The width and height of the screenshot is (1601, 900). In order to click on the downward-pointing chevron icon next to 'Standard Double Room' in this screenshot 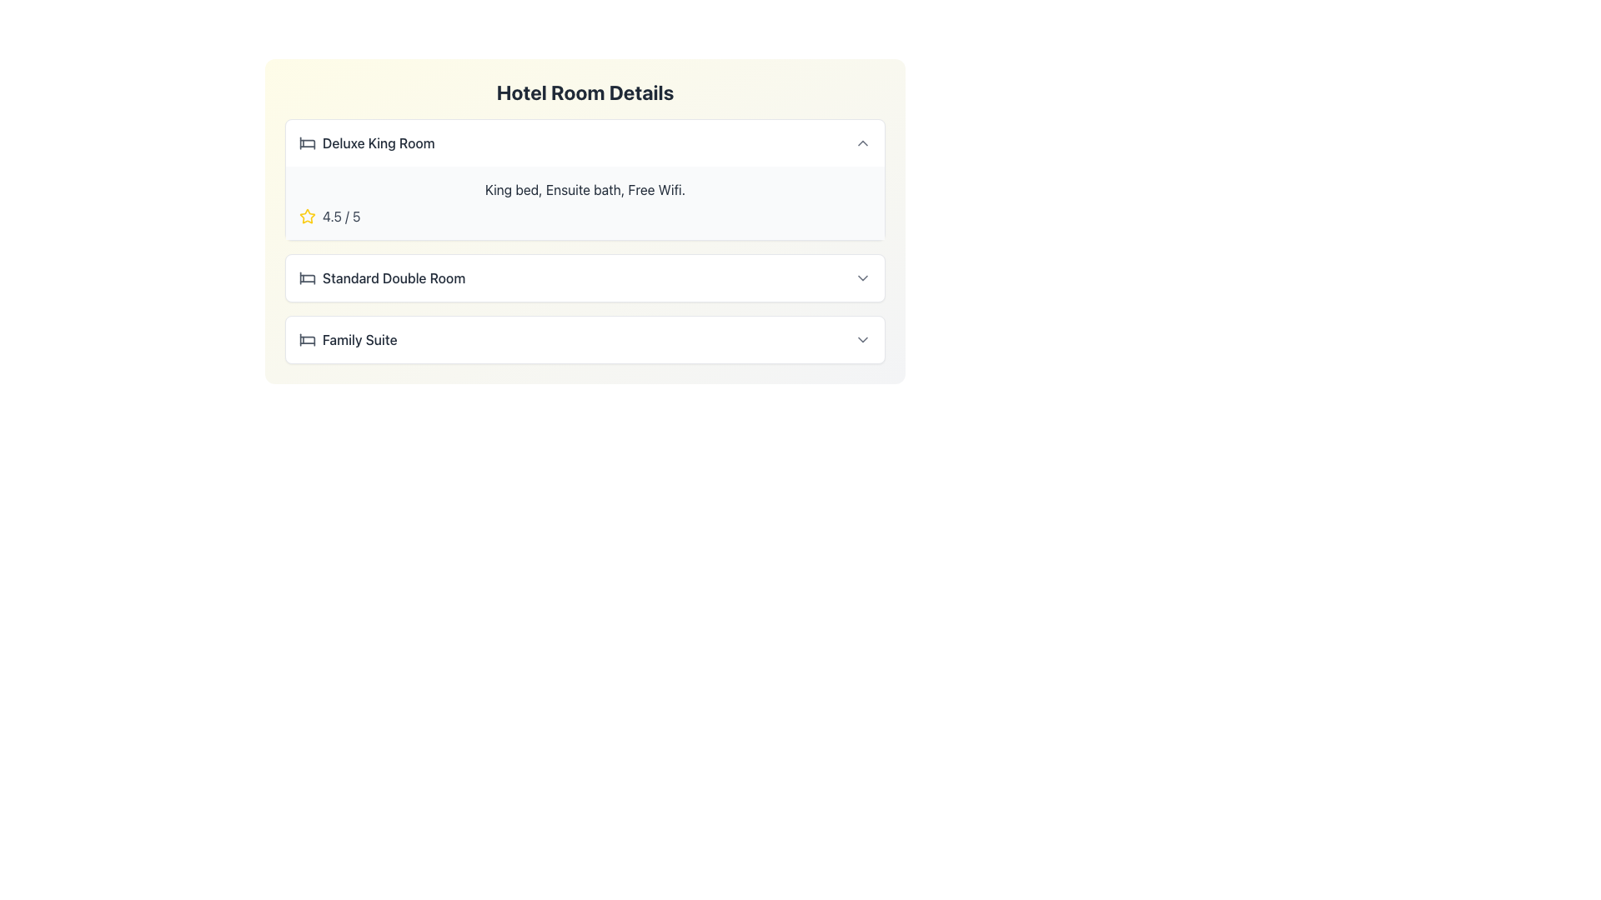, I will do `click(863, 277)`.